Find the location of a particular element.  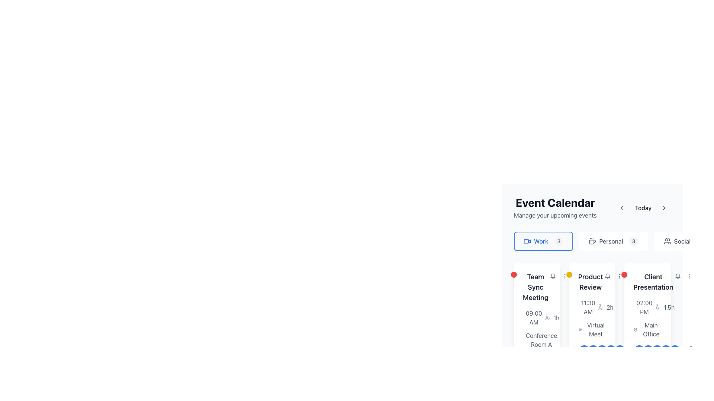

the 'Personal' events icon located on the left edge of the 'Personal 3' button in the event calendar interface is located at coordinates (592, 241).